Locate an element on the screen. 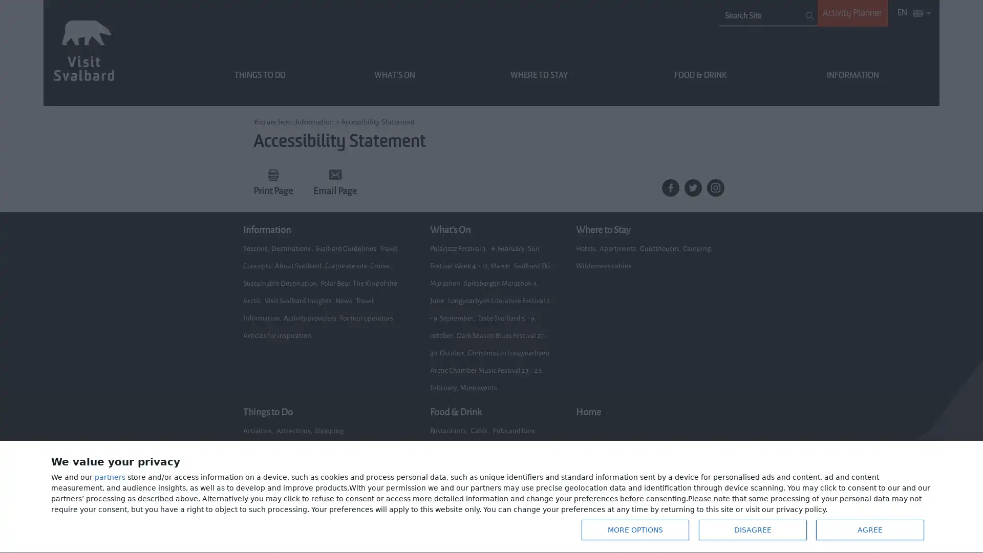 This screenshot has height=553, width=983. partners is located at coordinates (110, 479).